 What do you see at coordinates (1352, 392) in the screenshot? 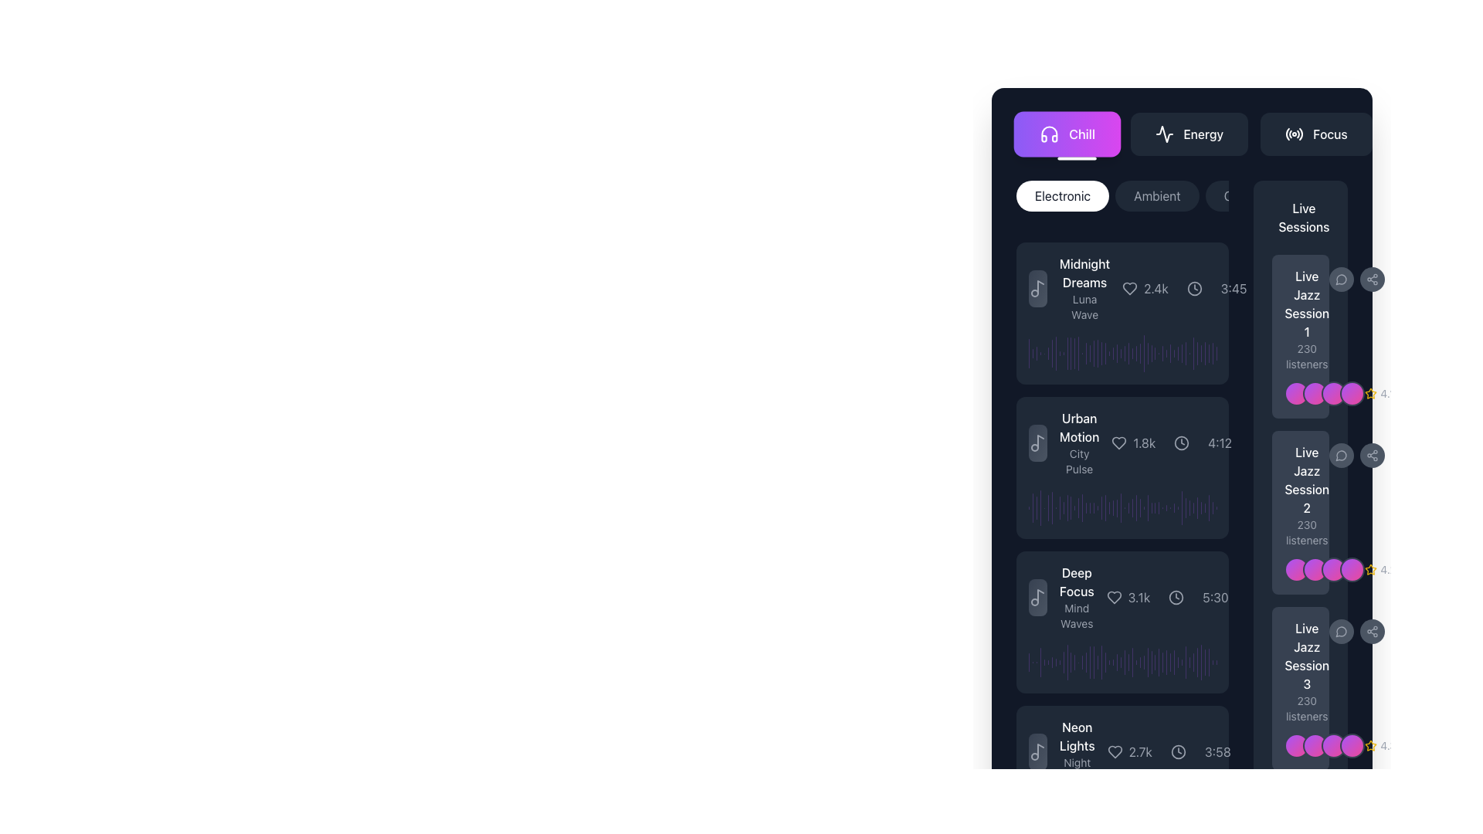
I see `the fourth circular decorative or interactive icon, which features a gradient fill transitioning from purple to pink and a dark gray border, located in the 'Live Sessions' section` at bounding box center [1352, 392].